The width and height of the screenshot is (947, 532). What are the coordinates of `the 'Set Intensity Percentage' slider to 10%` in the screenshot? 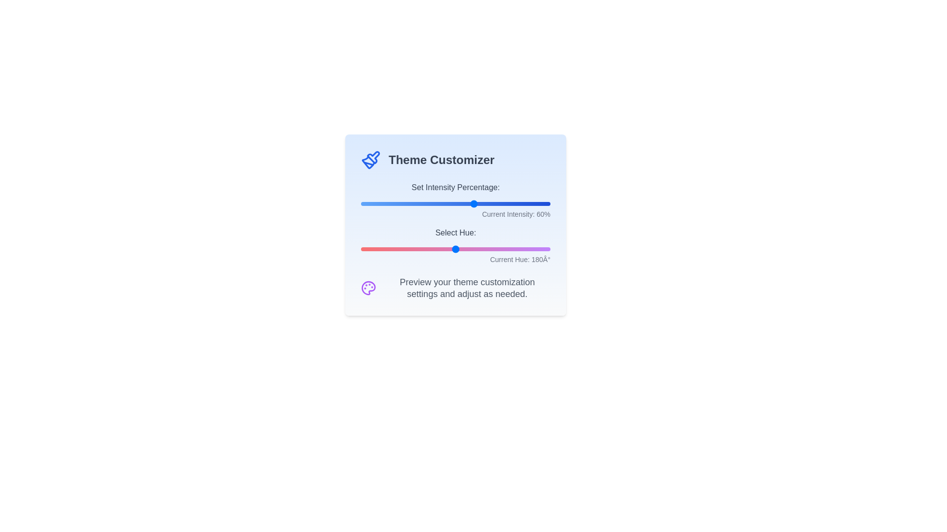 It's located at (379, 203).